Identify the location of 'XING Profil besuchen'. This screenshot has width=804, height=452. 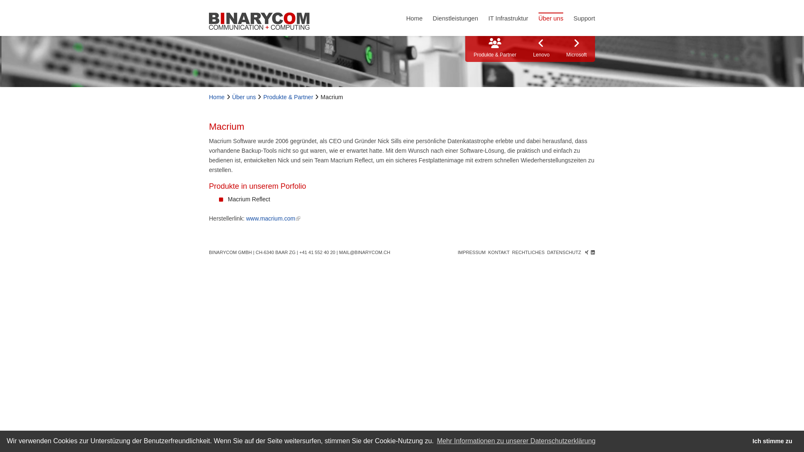
(584, 252).